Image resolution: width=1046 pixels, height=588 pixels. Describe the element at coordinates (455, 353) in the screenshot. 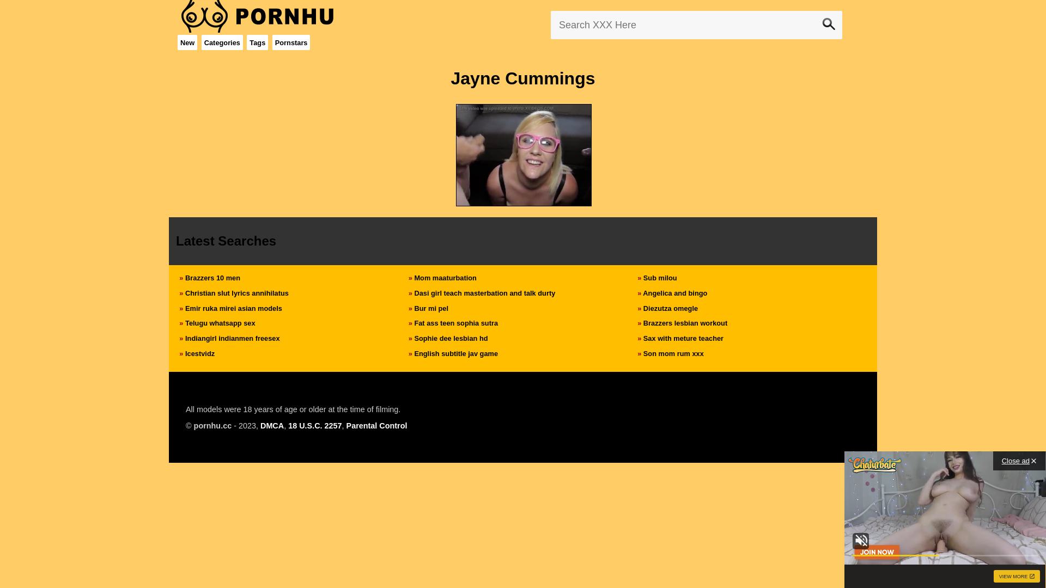

I see `'English subtitle jav game'` at that location.